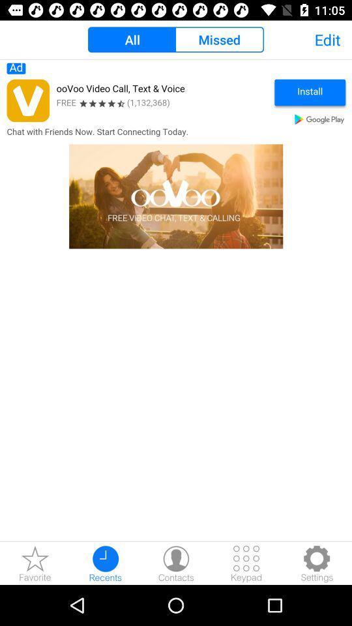  What do you see at coordinates (105, 563) in the screenshot?
I see `recent buttons` at bounding box center [105, 563].